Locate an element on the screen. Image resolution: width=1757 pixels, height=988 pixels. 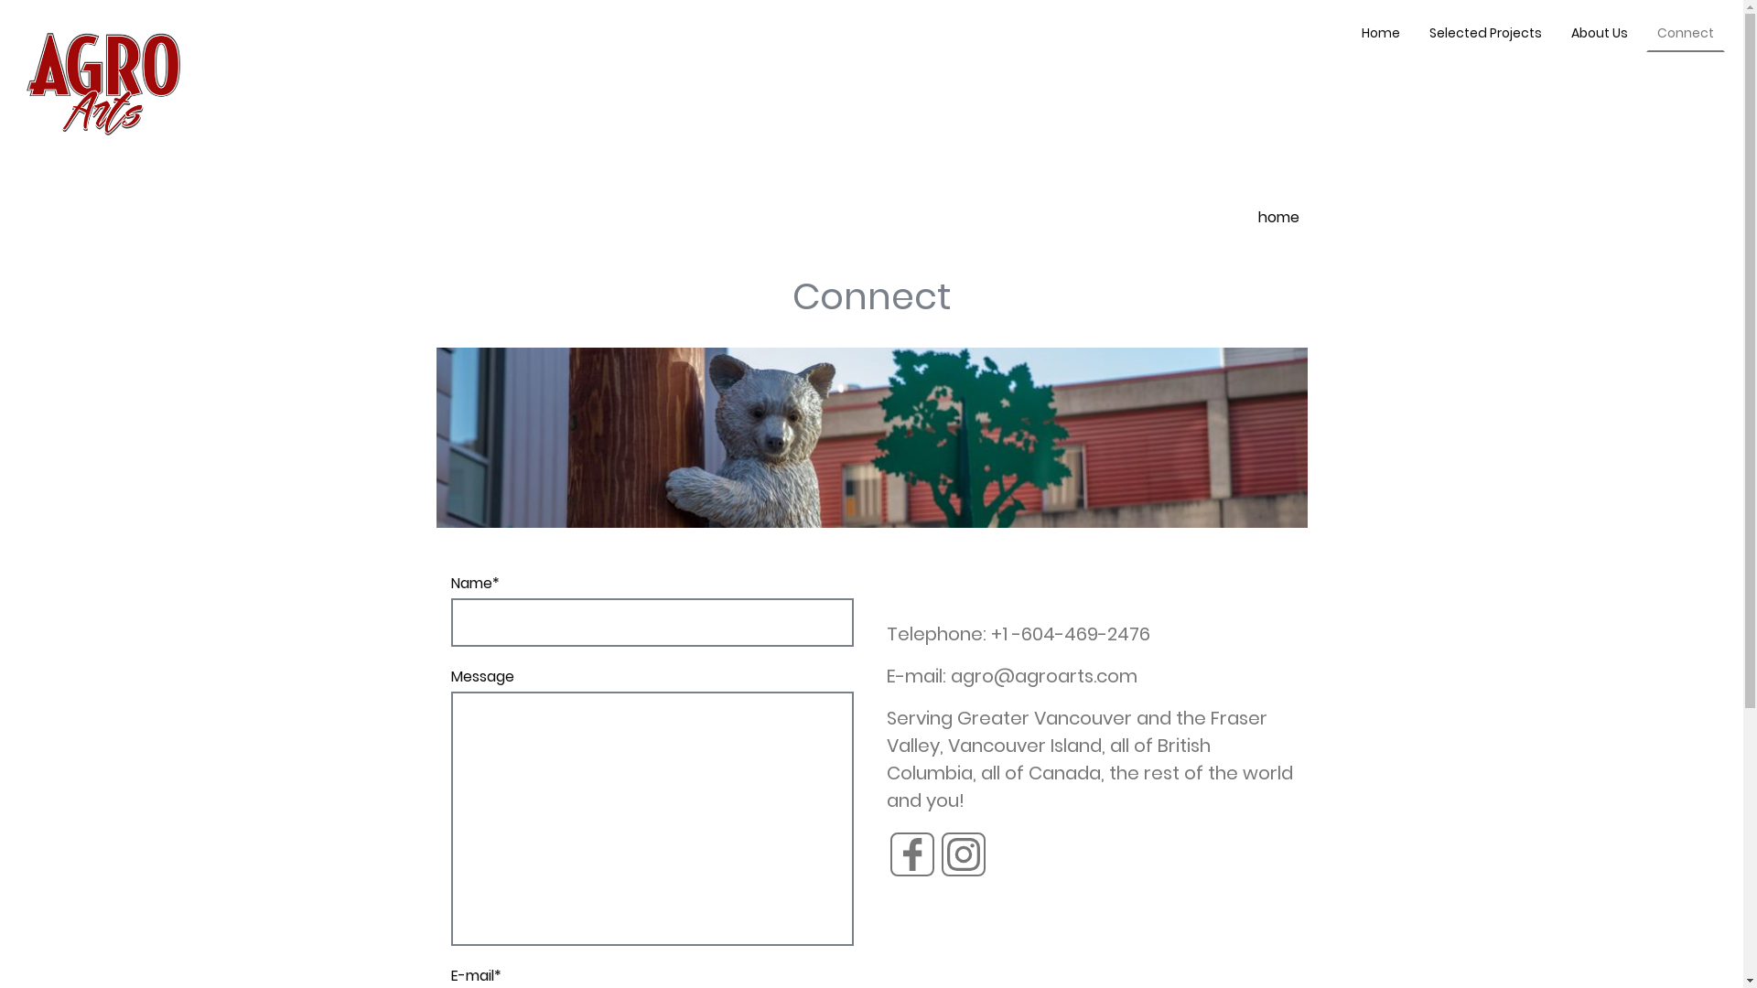
'Connect' is located at coordinates (1685, 33).